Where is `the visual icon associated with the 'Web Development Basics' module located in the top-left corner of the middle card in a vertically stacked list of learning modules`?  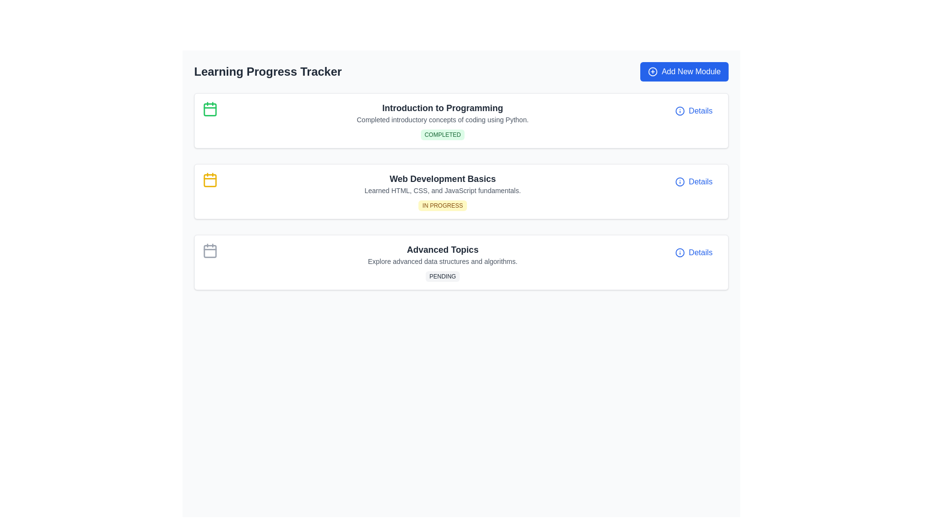 the visual icon associated with the 'Web Development Basics' module located in the top-left corner of the middle card in a vertically stacked list of learning modules is located at coordinates (209, 180).